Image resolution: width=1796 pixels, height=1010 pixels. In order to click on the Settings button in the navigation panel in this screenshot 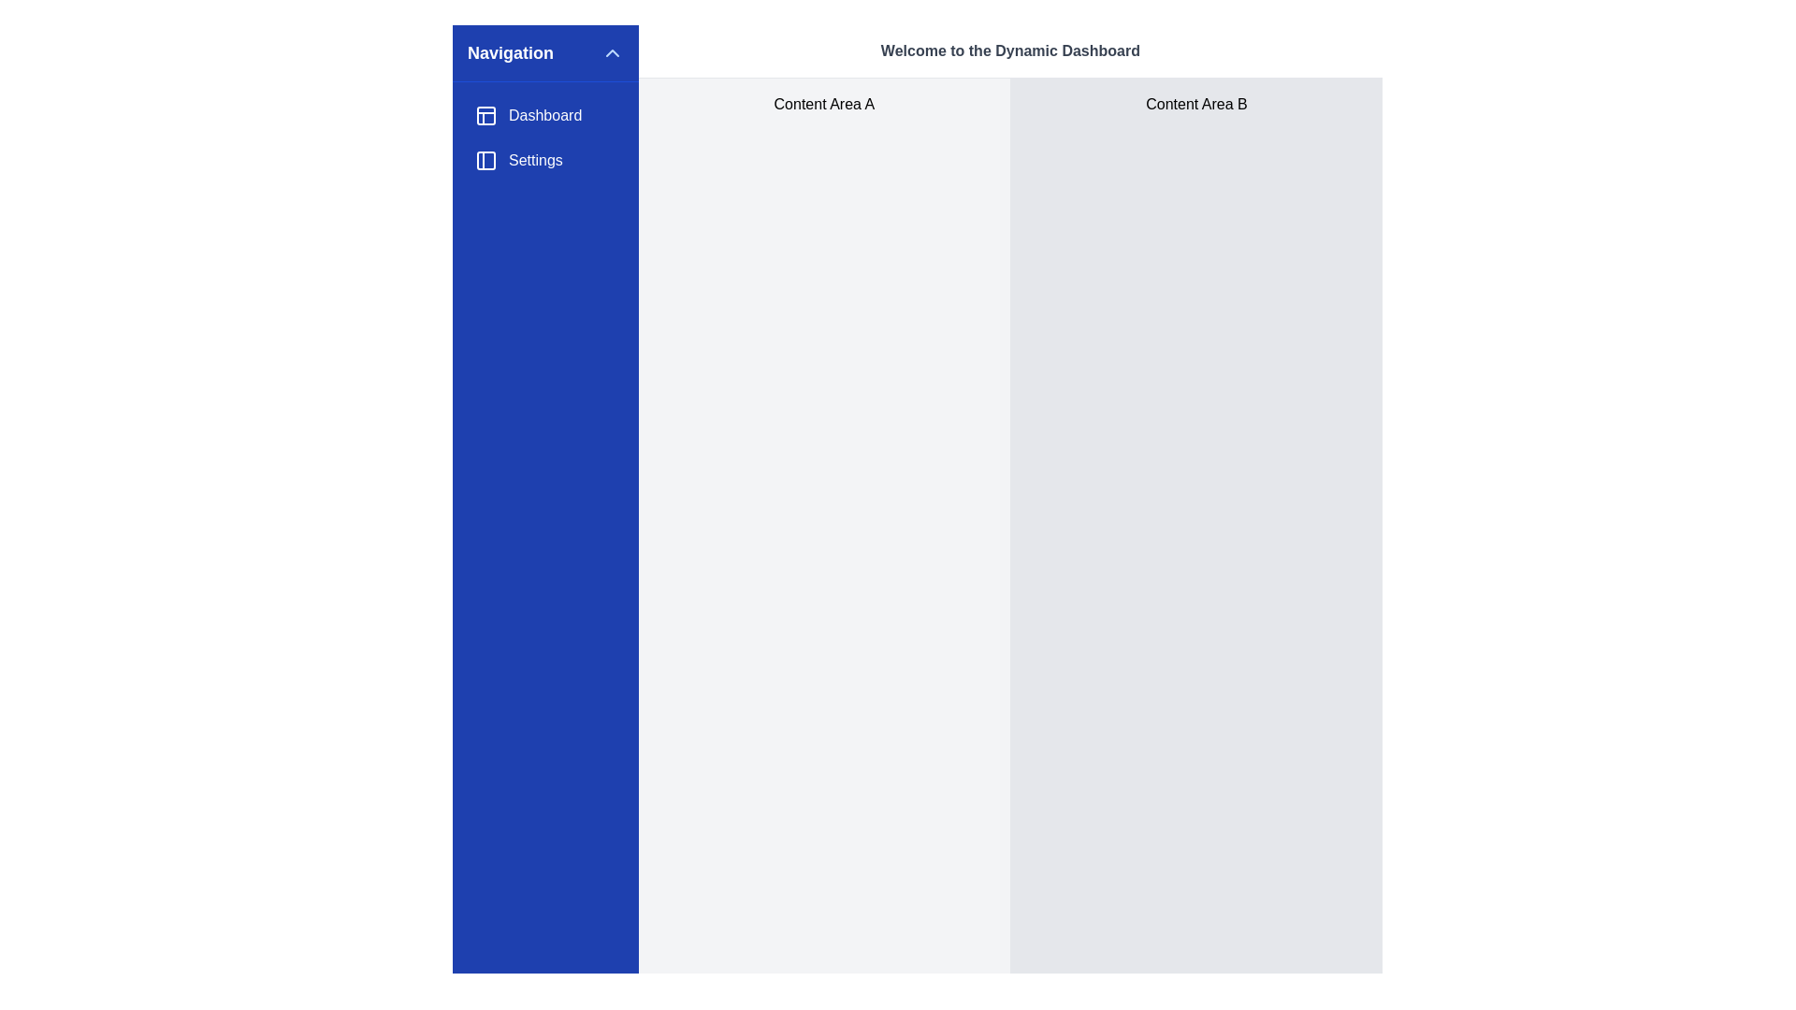, I will do `click(544, 160)`.